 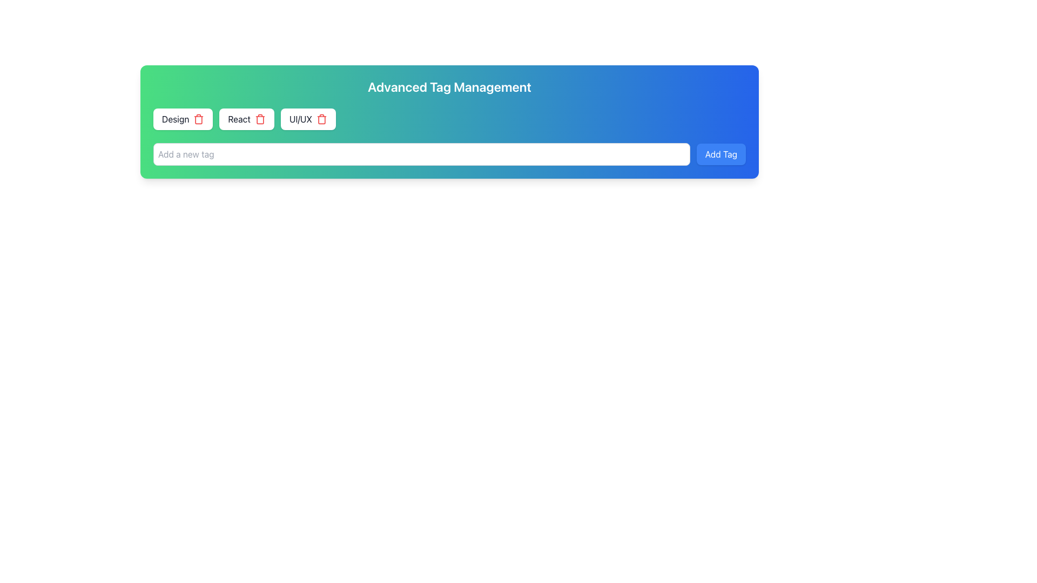 What do you see at coordinates (307, 119) in the screenshot?
I see `the 'UI/UX' button with a trash bin icon` at bounding box center [307, 119].